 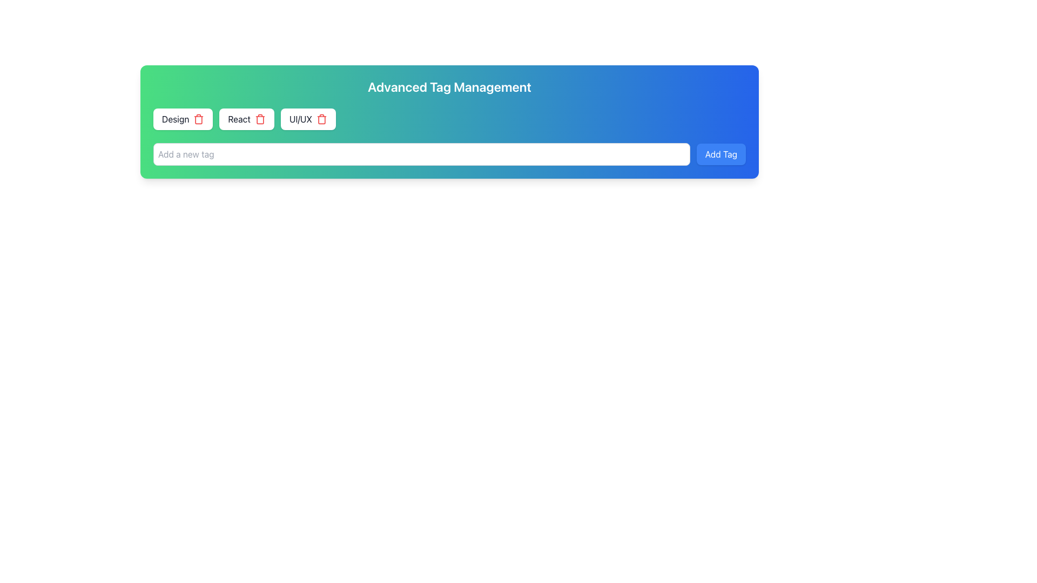 What do you see at coordinates (307, 119) in the screenshot?
I see `the 'UI/UX' button with a trash bin icon` at bounding box center [307, 119].